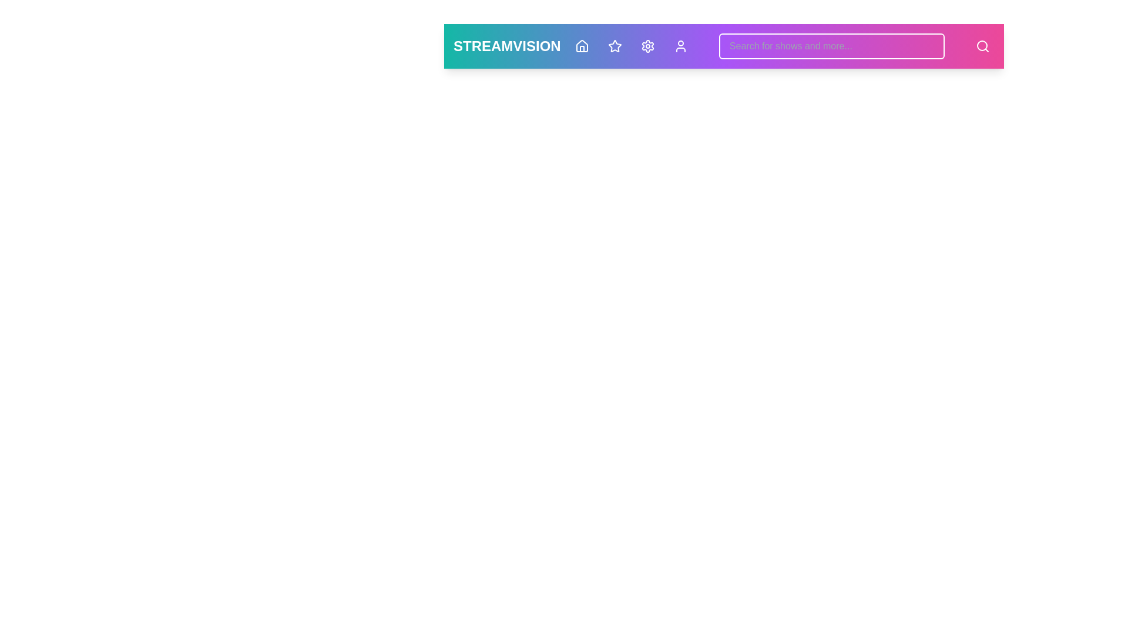  Describe the element at coordinates (647, 45) in the screenshot. I see `the settings navigation button` at that location.